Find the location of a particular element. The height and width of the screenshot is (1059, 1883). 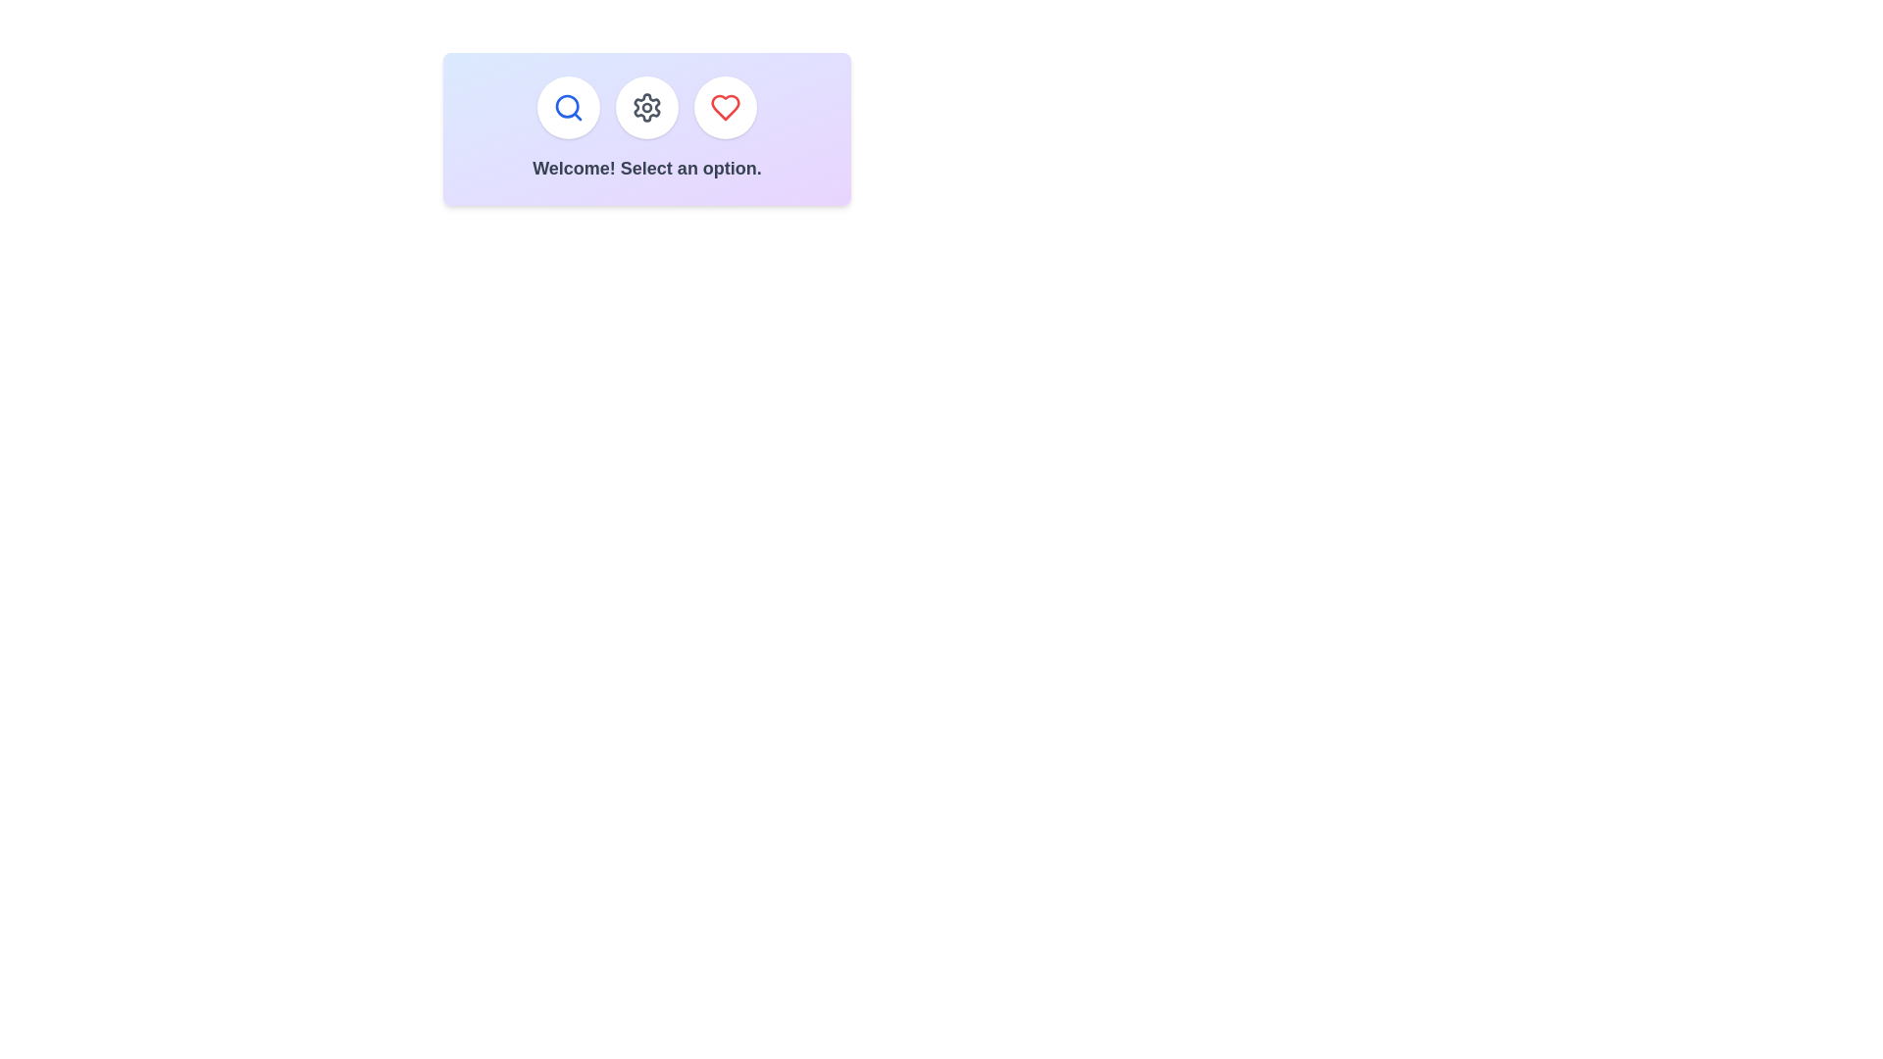

the settings icon, which is the second circular icon in a horizontal arrangement of three icons is located at coordinates (647, 108).